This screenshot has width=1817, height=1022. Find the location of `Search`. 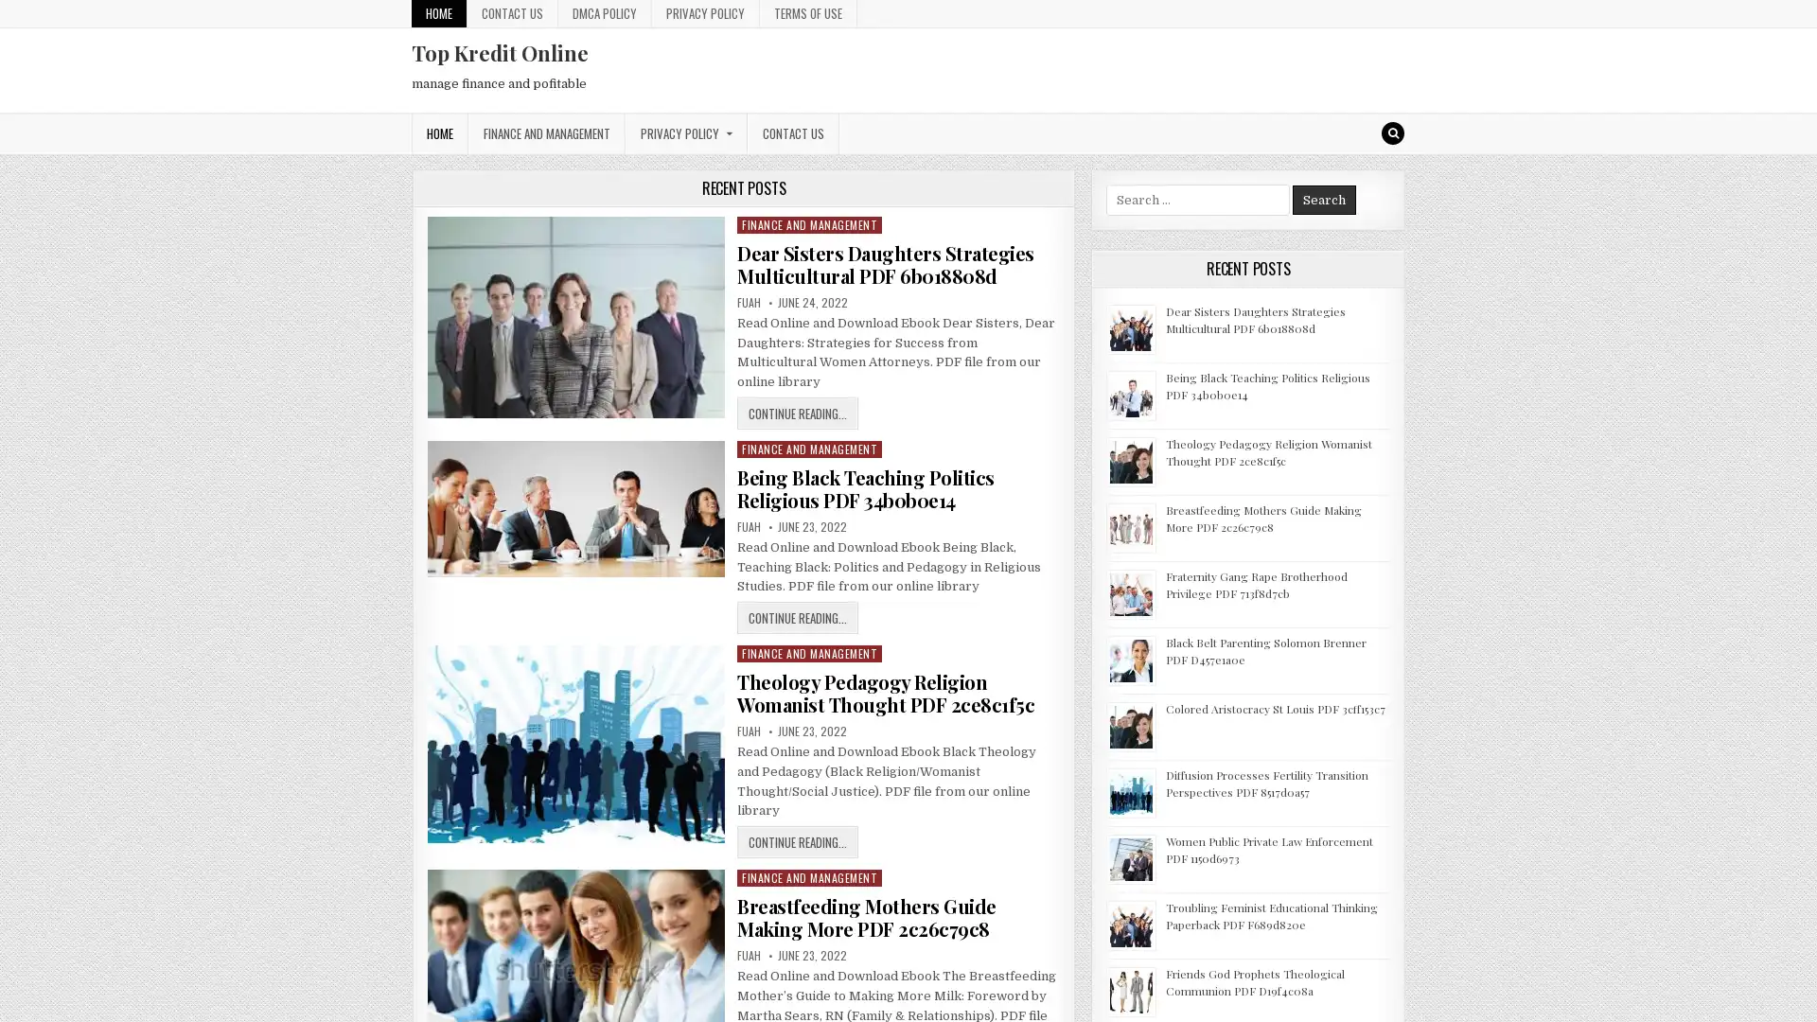

Search is located at coordinates (1323, 200).